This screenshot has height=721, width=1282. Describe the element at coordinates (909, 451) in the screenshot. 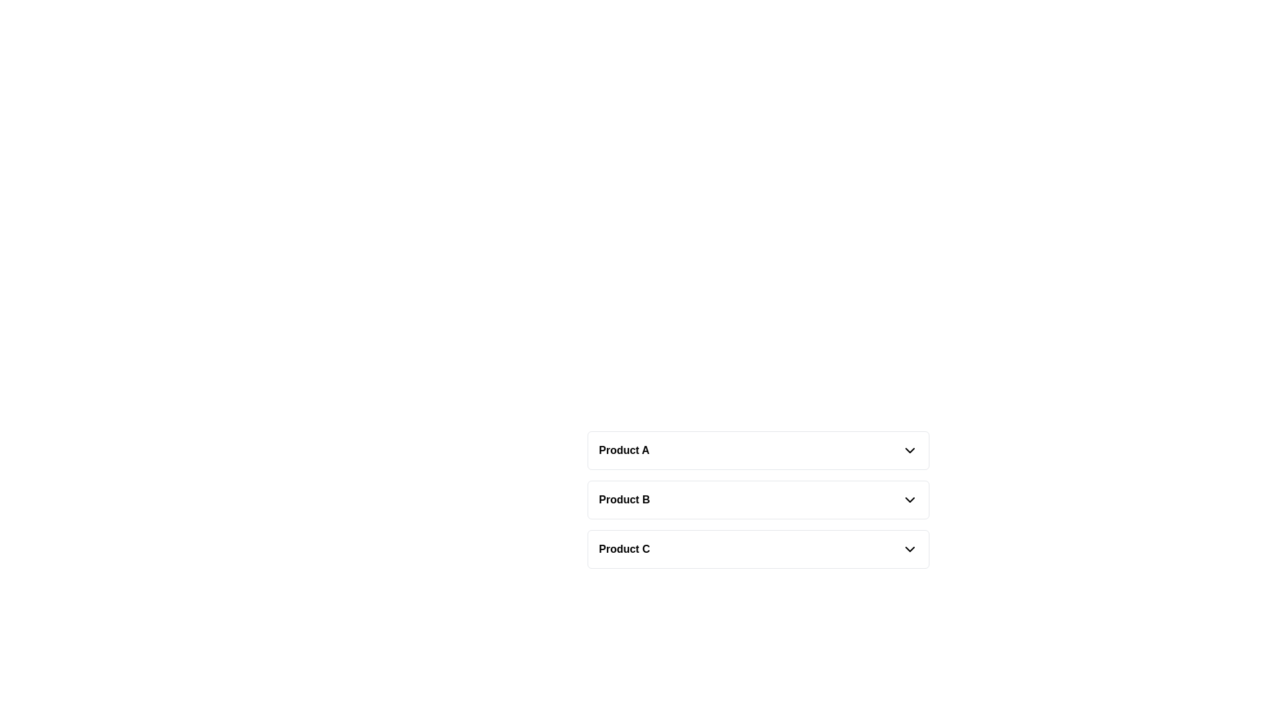

I see `the downward-facing chevron icon located to the right of the text 'Product A'` at that location.